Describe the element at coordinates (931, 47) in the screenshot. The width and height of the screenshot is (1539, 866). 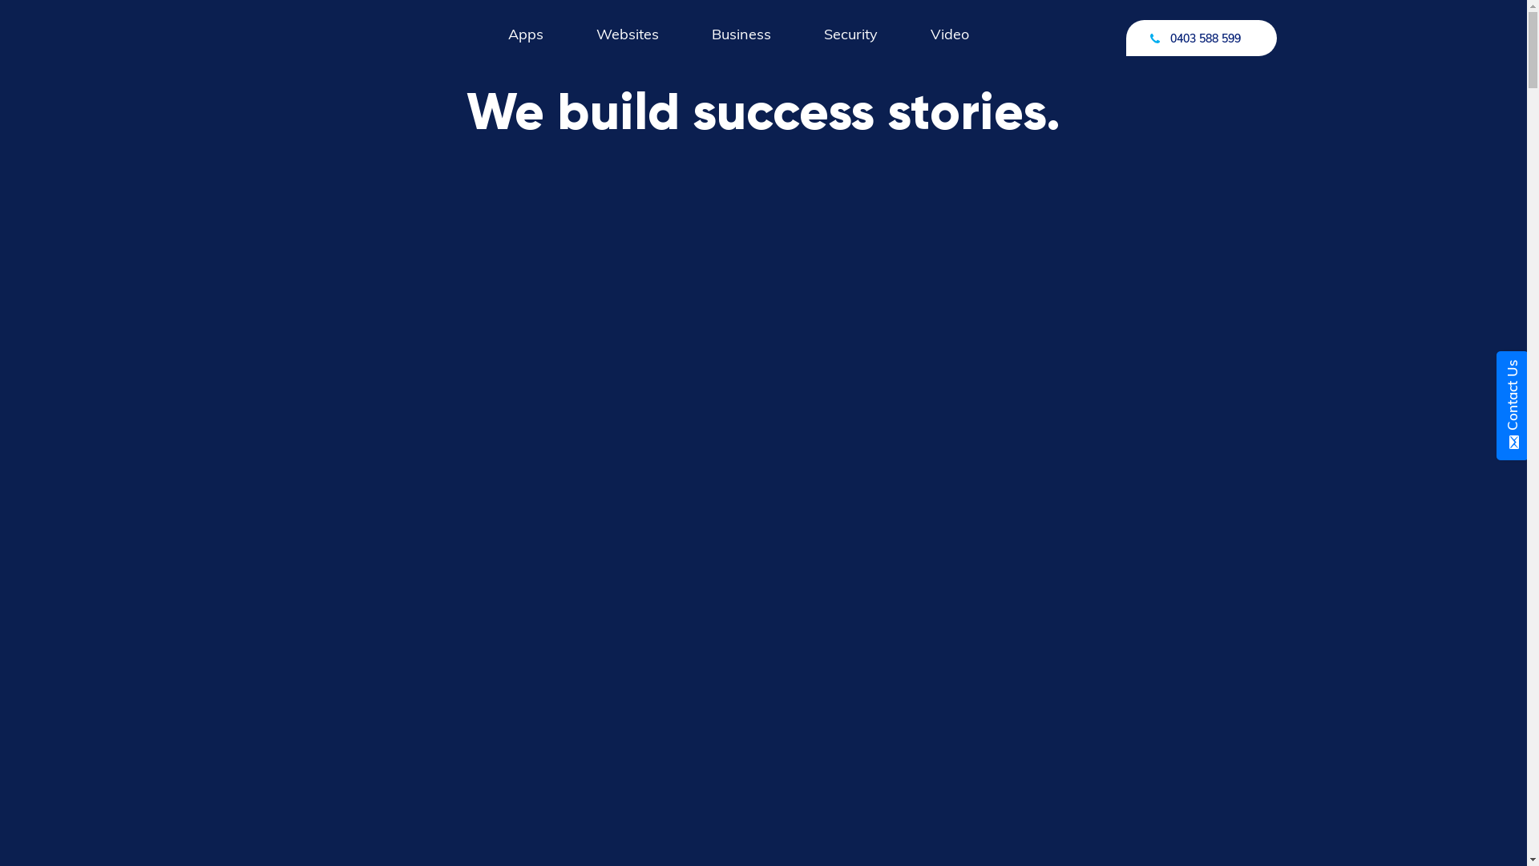
I see `'Video'` at that location.